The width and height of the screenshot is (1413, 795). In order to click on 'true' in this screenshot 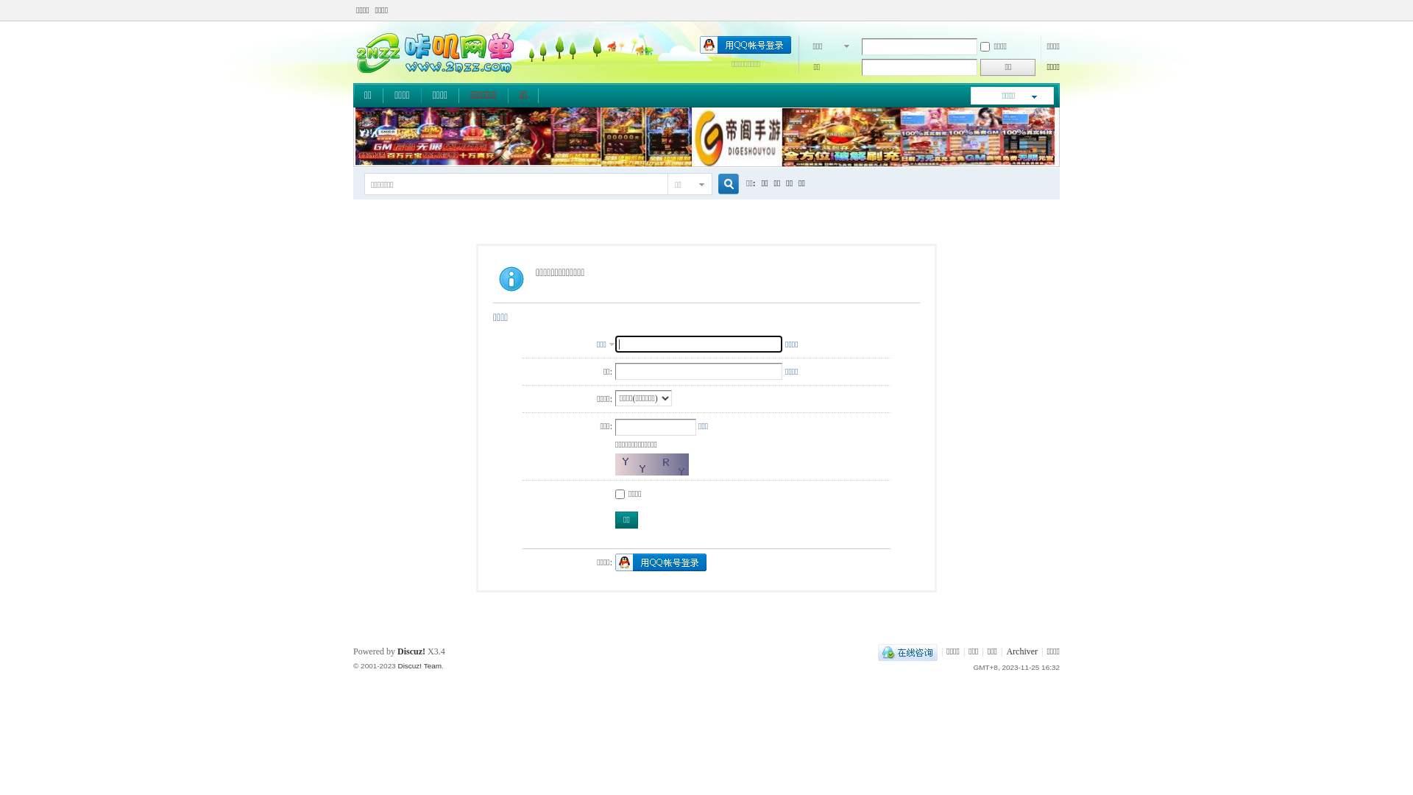, I will do `click(723, 183)`.